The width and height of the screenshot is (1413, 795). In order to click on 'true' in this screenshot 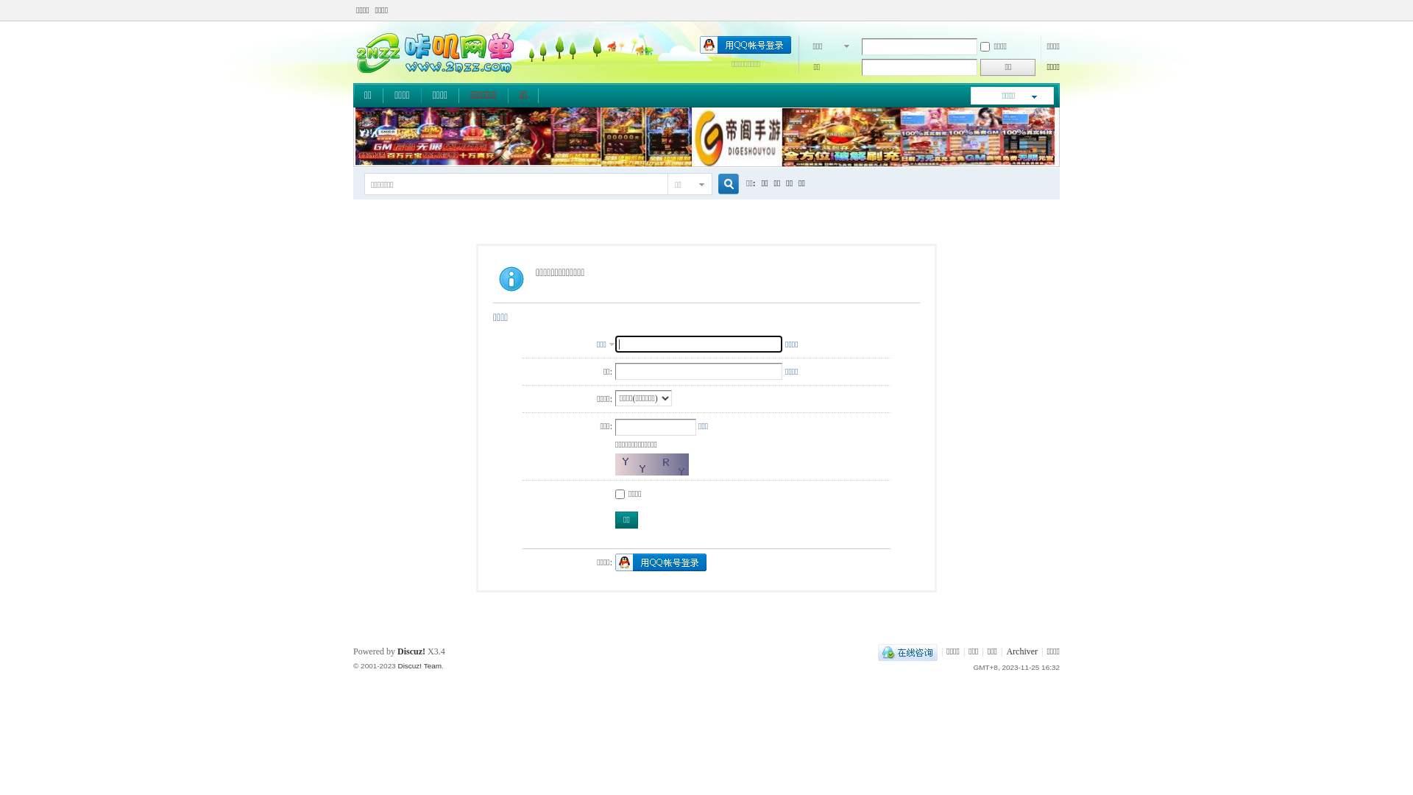, I will do `click(723, 183)`.